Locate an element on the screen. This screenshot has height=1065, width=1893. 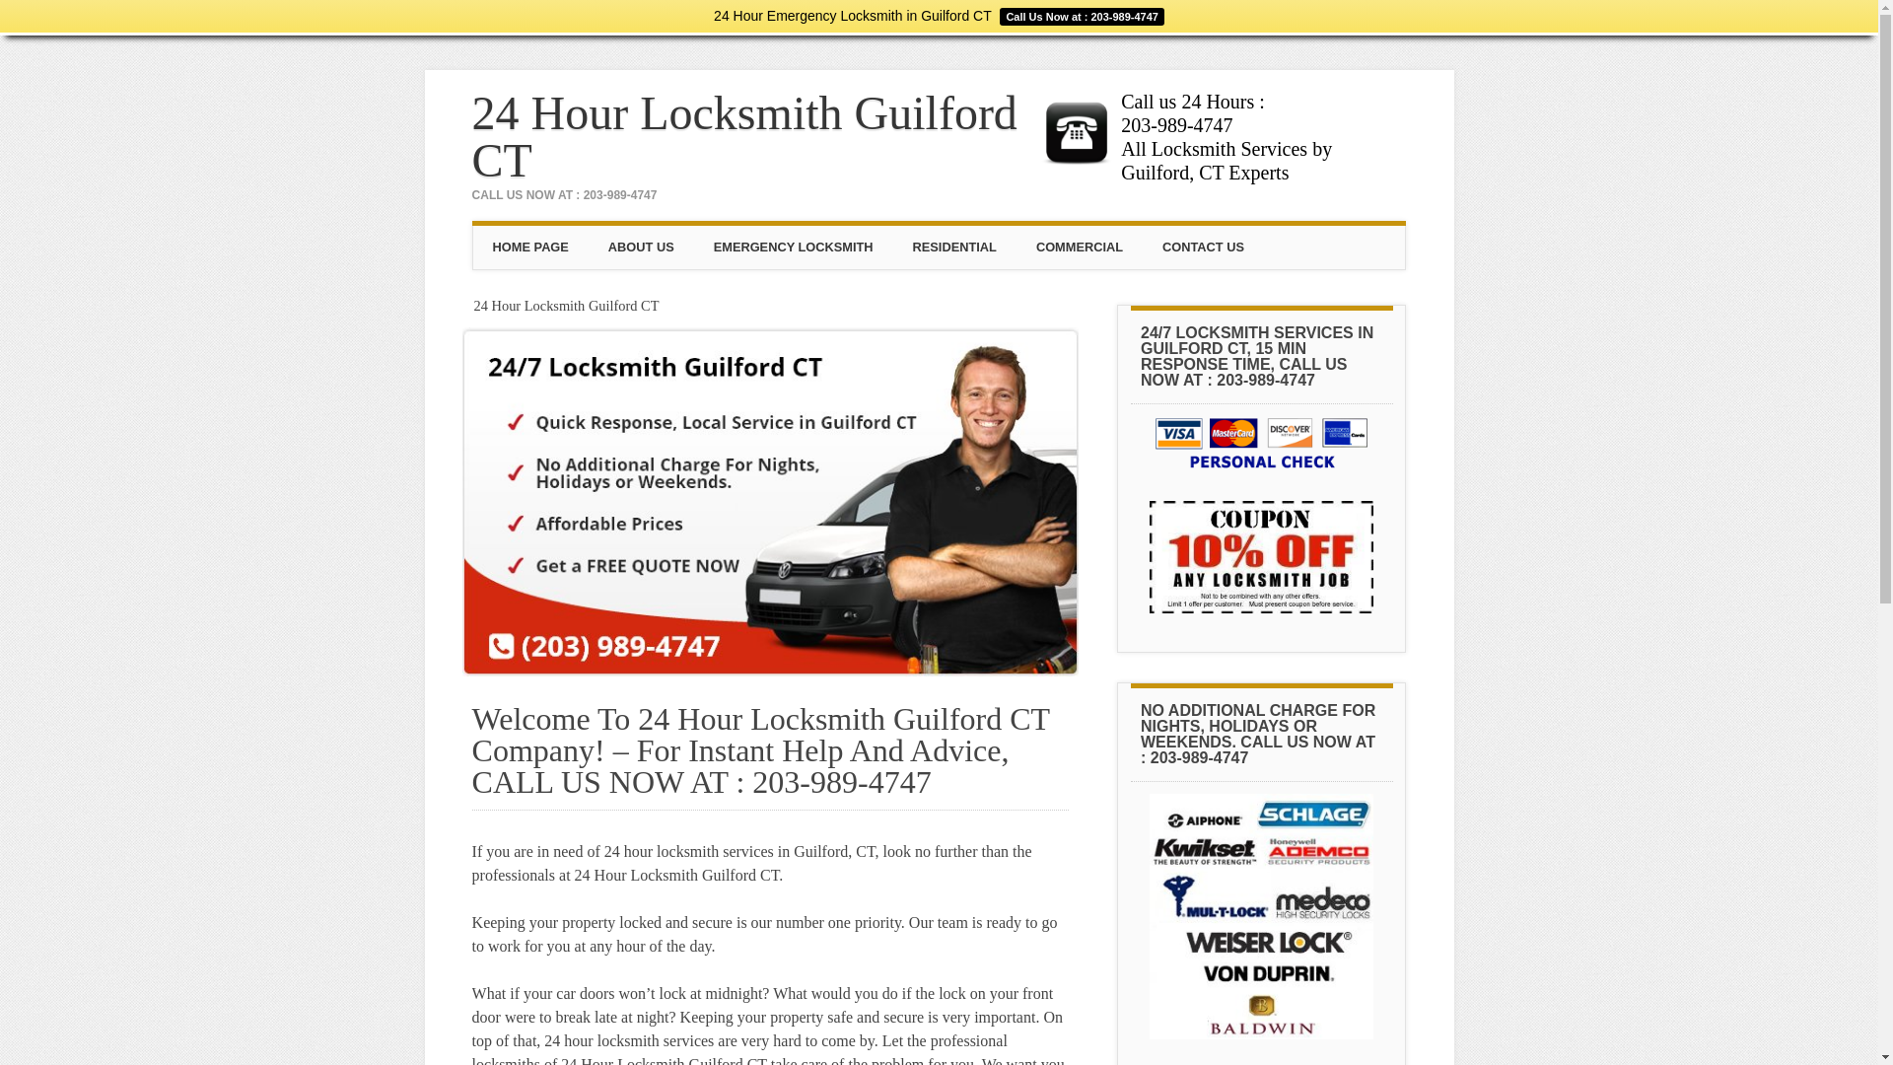
'HOME PAGE' is located at coordinates (530, 246).